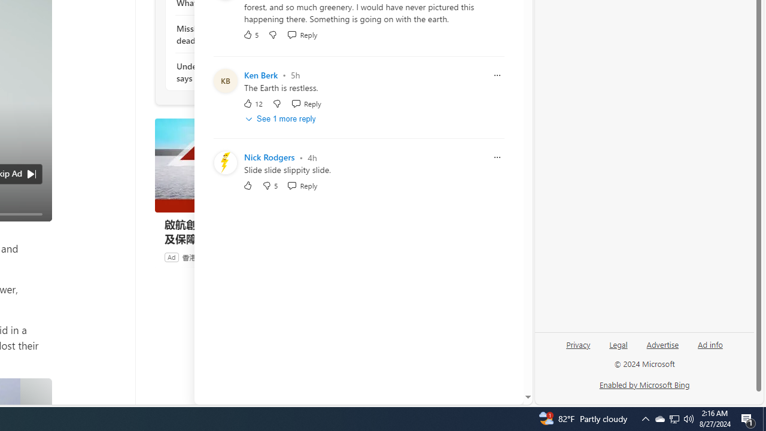 The image size is (766, 431). What do you see at coordinates (252, 102) in the screenshot?
I see `'12 Like'` at bounding box center [252, 102].